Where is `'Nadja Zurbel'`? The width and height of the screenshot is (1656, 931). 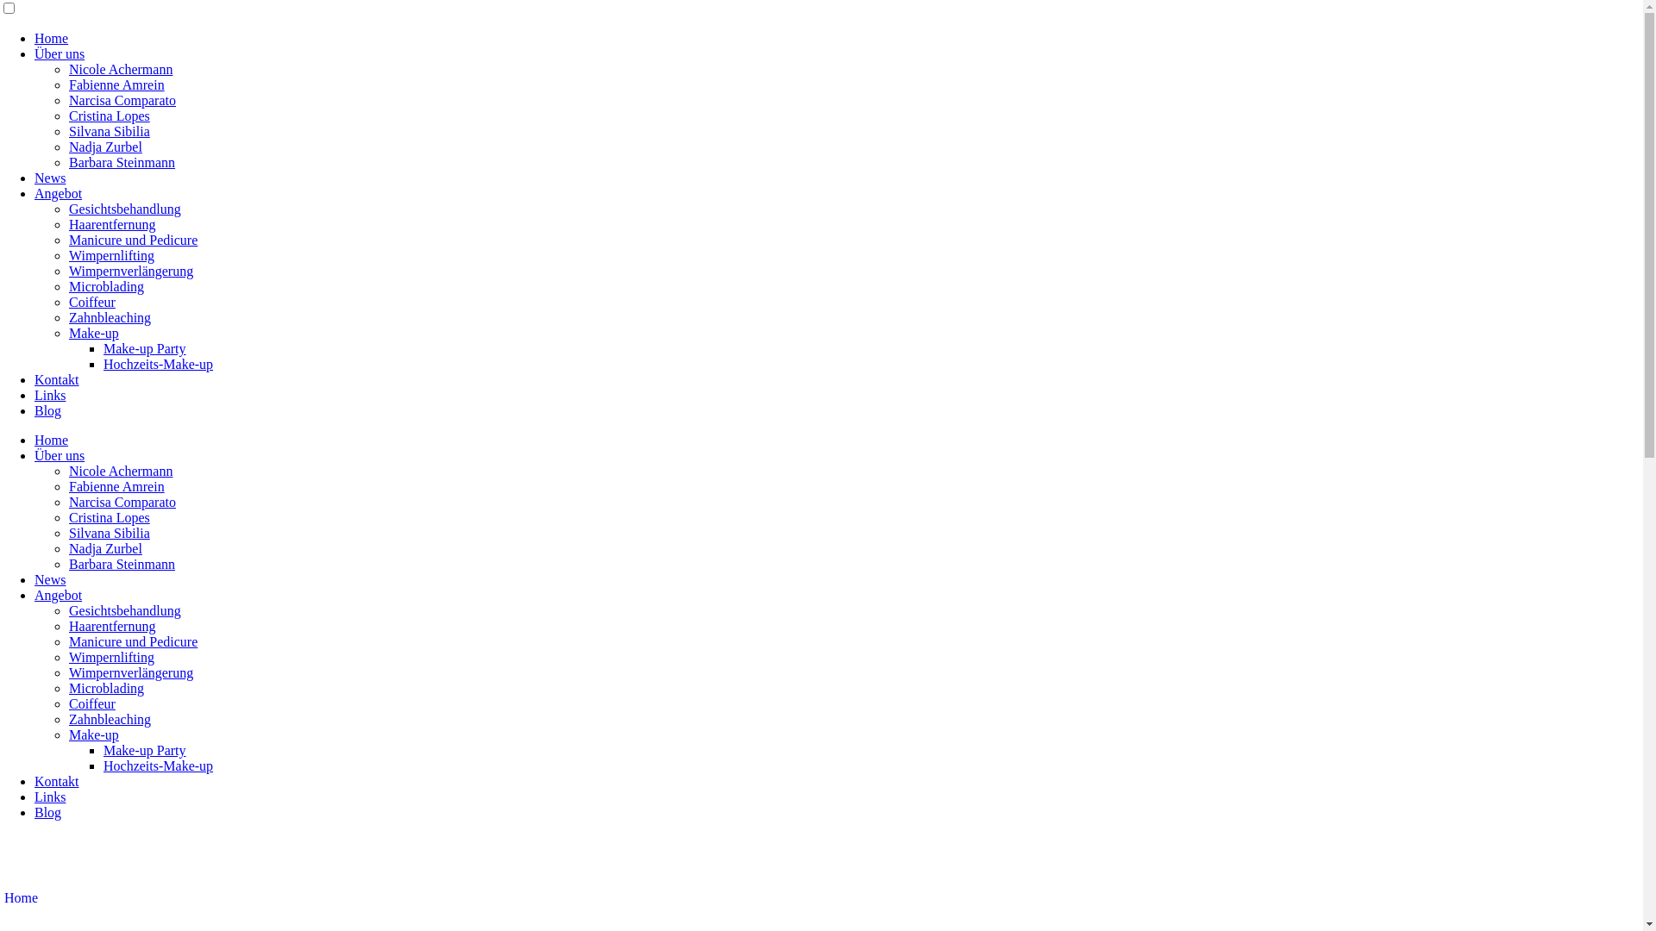 'Nadja Zurbel' is located at coordinates (104, 146).